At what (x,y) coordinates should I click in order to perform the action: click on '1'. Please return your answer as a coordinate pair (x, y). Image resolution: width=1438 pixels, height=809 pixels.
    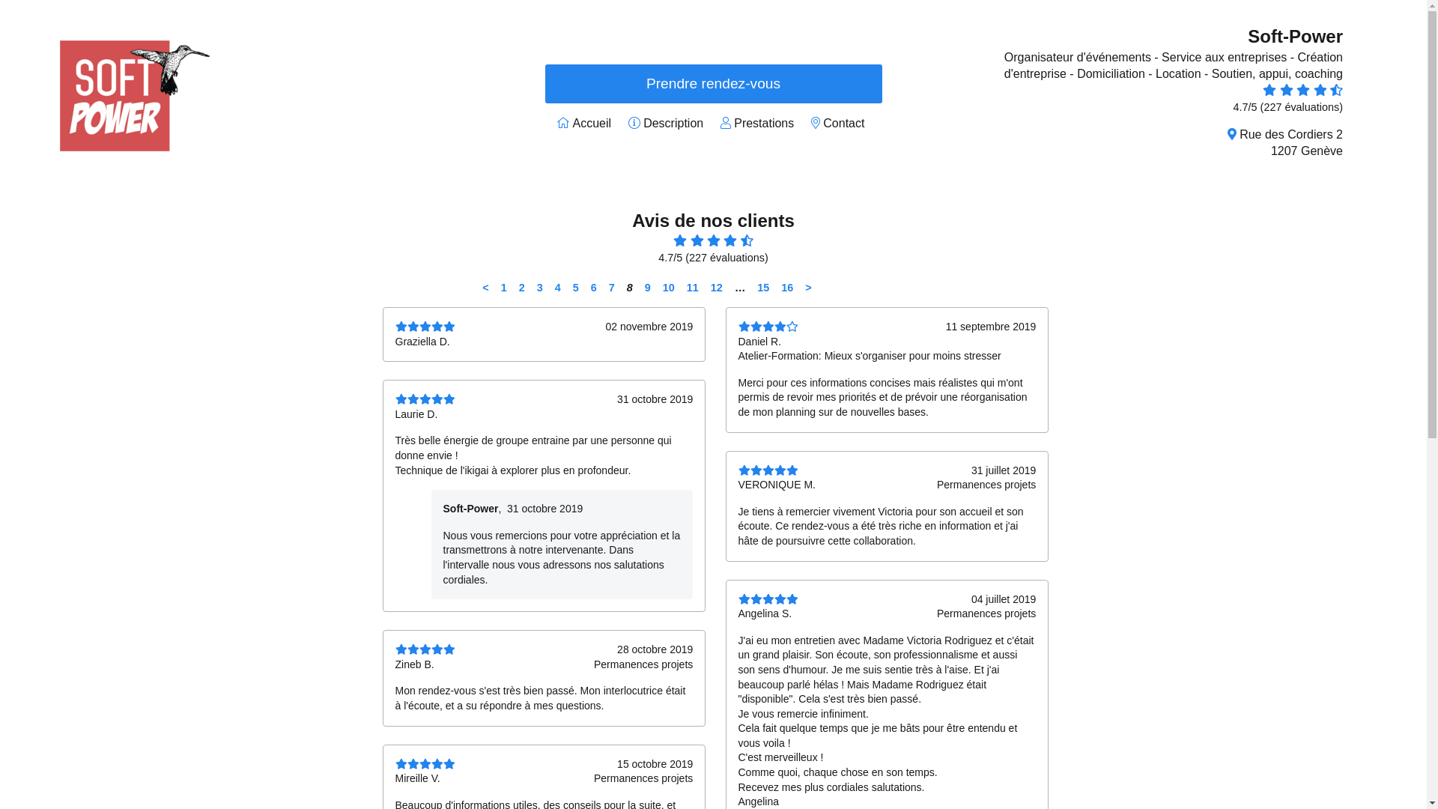
    Looking at the image, I should click on (503, 288).